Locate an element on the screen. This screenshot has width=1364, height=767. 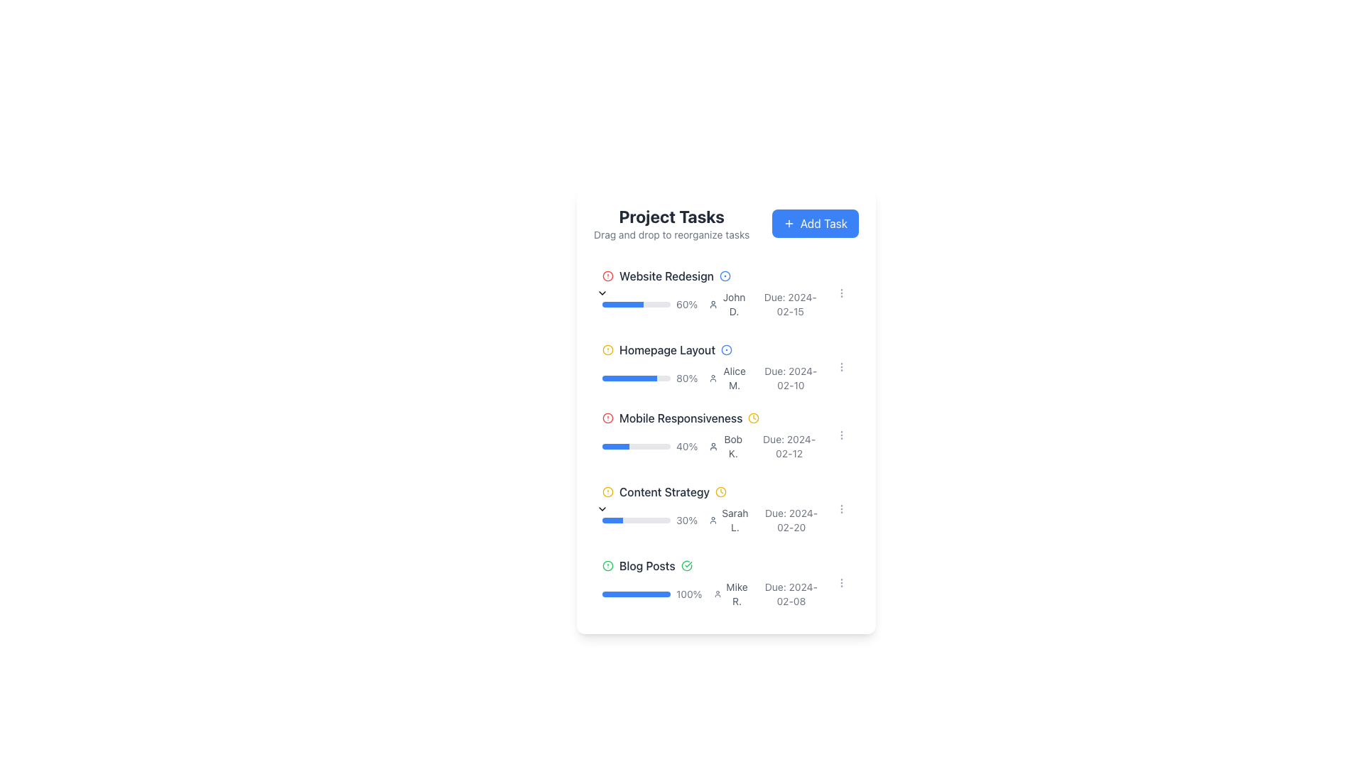
the SVG icon (plus sign) that indicates the action of adding a new task, located at the center of the 'Add Task' button in the top-right section of the 'Project Tasks' card is located at coordinates (788, 224).